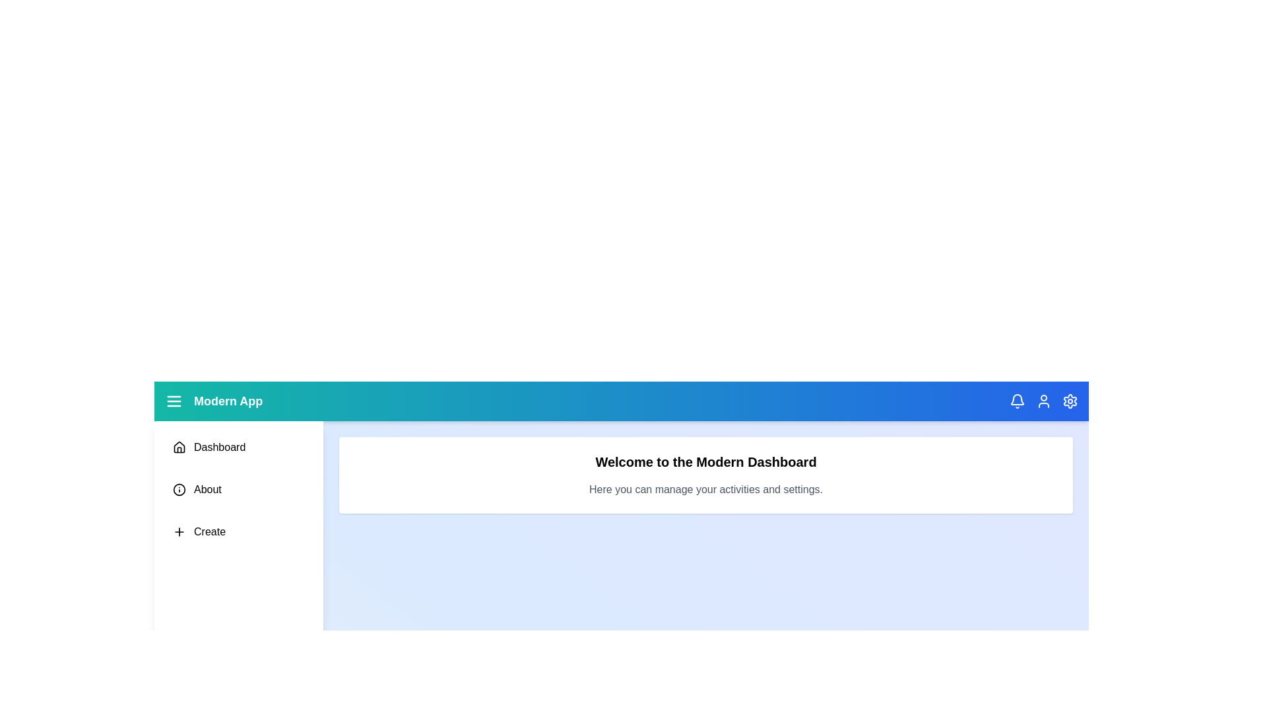  What do you see at coordinates (1016, 401) in the screenshot?
I see `the header icon Bell to perform its respective action` at bounding box center [1016, 401].